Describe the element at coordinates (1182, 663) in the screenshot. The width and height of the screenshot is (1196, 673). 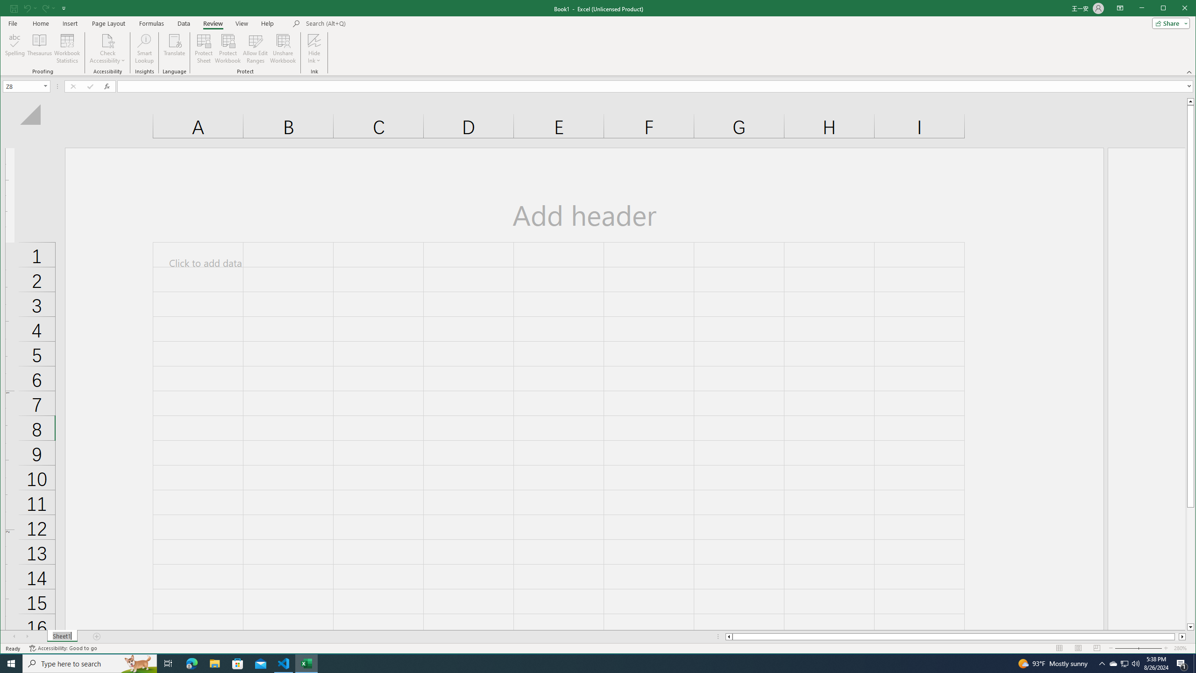
I see `'Action Center, 1 new notification'` at that location.